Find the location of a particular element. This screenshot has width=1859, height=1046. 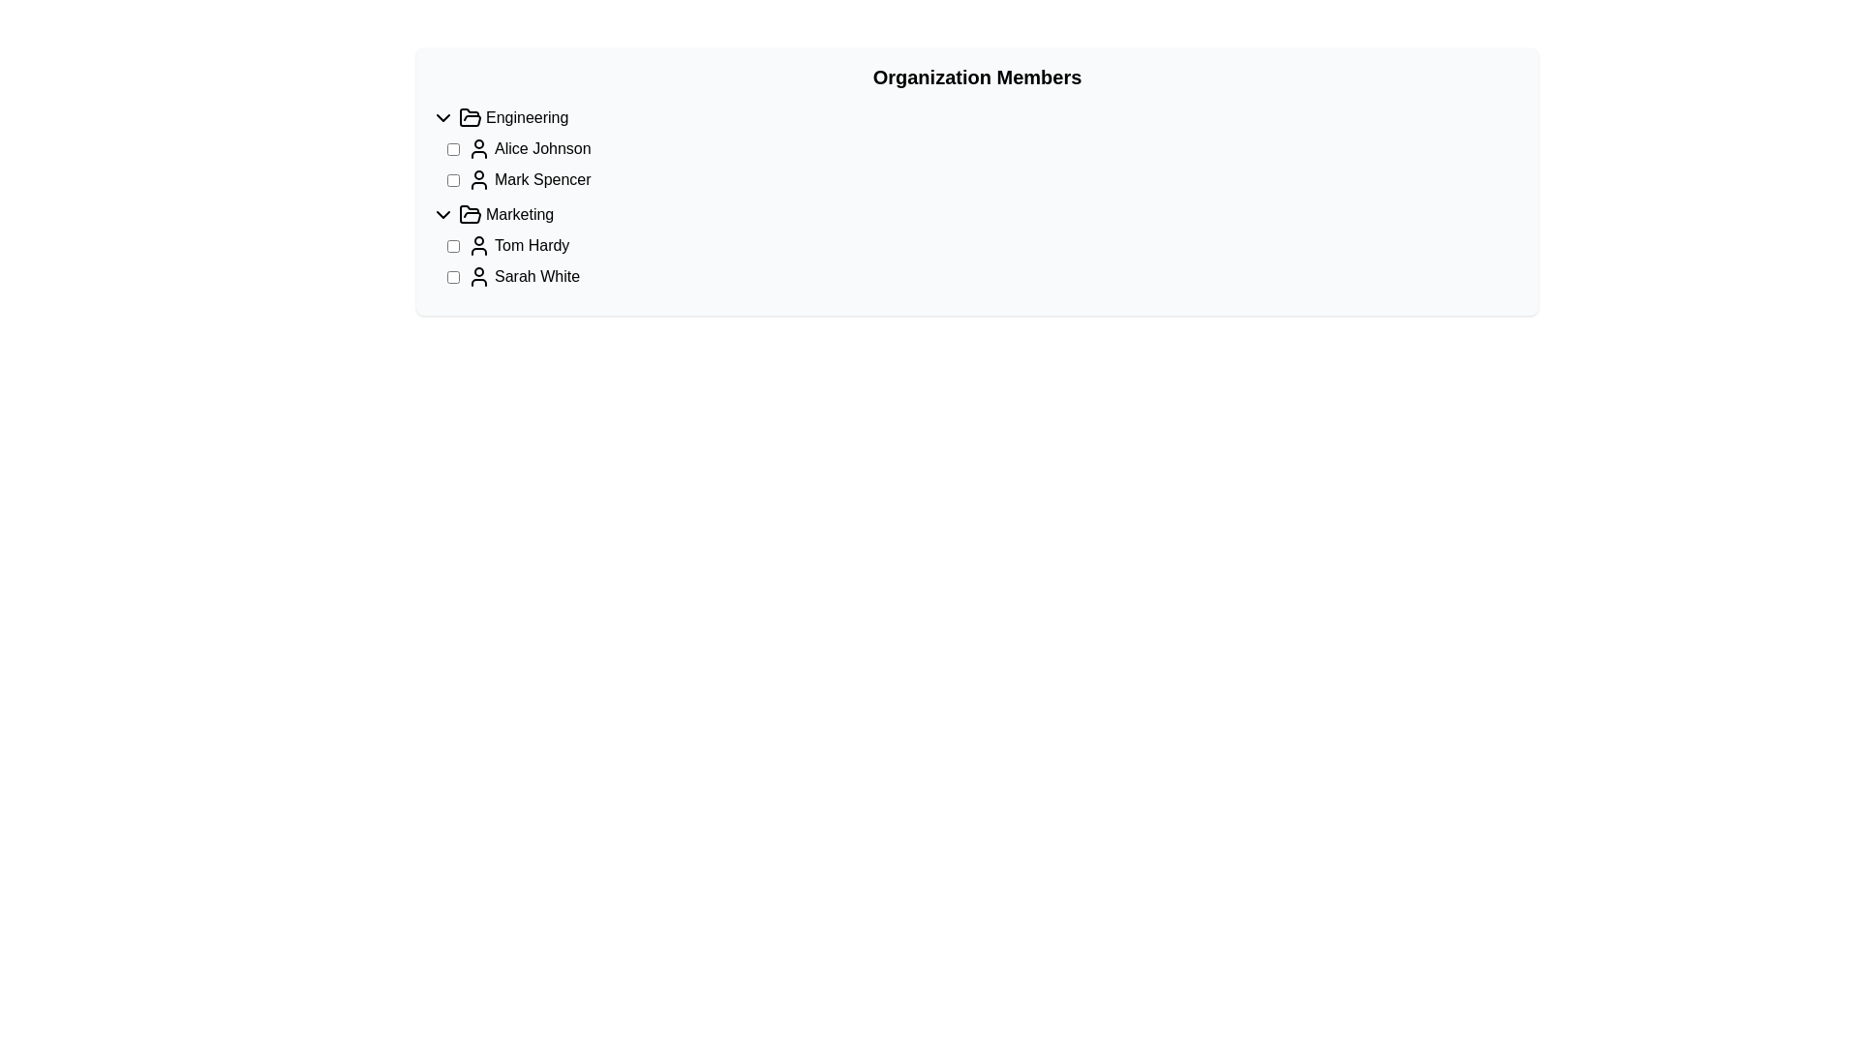

the user icon representing 'Sarah White' located in the 'Marketing' section of the 'Organization Members' list, positioned to the left of the text 'Sarah White' is located at coordinates (478, 276).